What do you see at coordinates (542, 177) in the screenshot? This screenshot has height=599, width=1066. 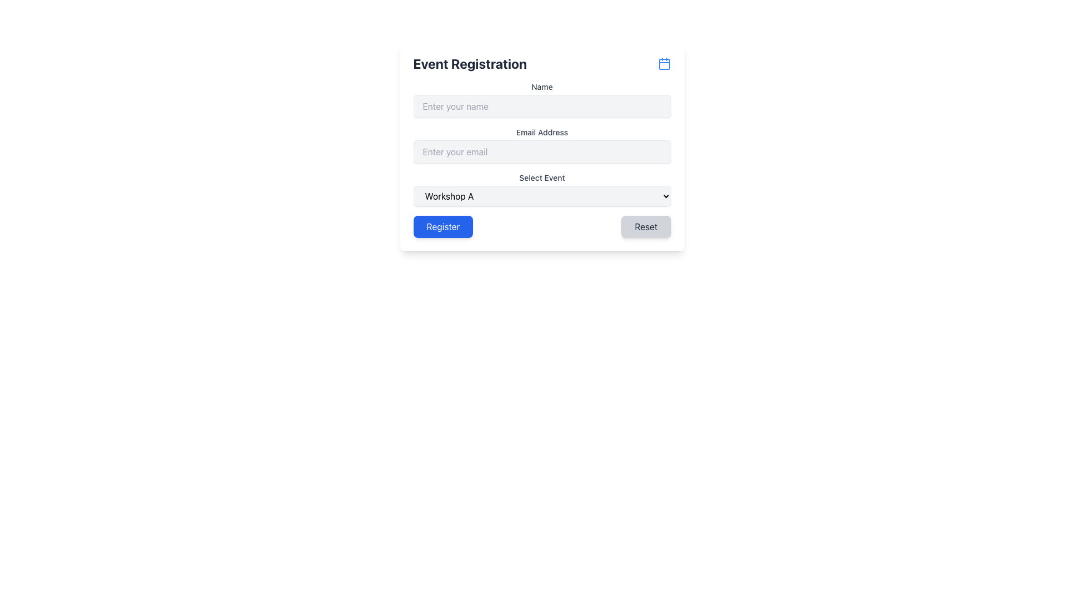 I see `the static text label reading 'Select Event', which is styled with a small font size, medium weight, and gray color, positioned above the dropdown menu in the registration form` at bounding box center [542, 177].